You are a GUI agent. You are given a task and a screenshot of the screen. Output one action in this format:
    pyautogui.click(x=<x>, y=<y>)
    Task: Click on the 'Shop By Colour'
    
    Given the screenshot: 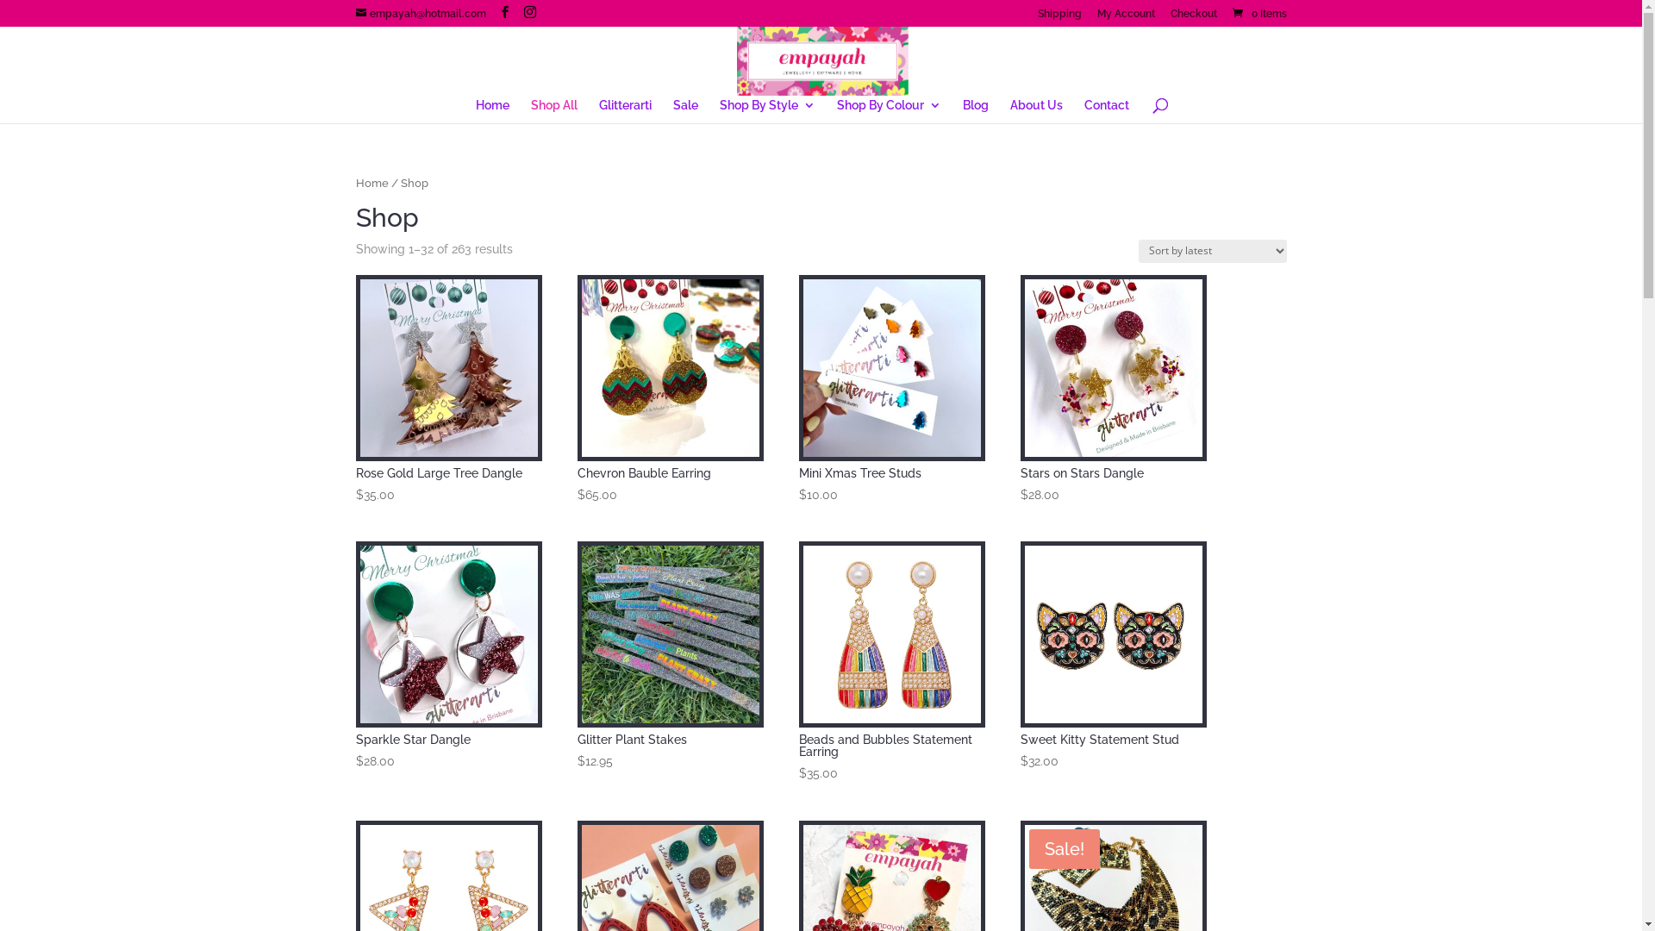 What is the action you would take?
    pyautogui.click(x=836, y=110)
    